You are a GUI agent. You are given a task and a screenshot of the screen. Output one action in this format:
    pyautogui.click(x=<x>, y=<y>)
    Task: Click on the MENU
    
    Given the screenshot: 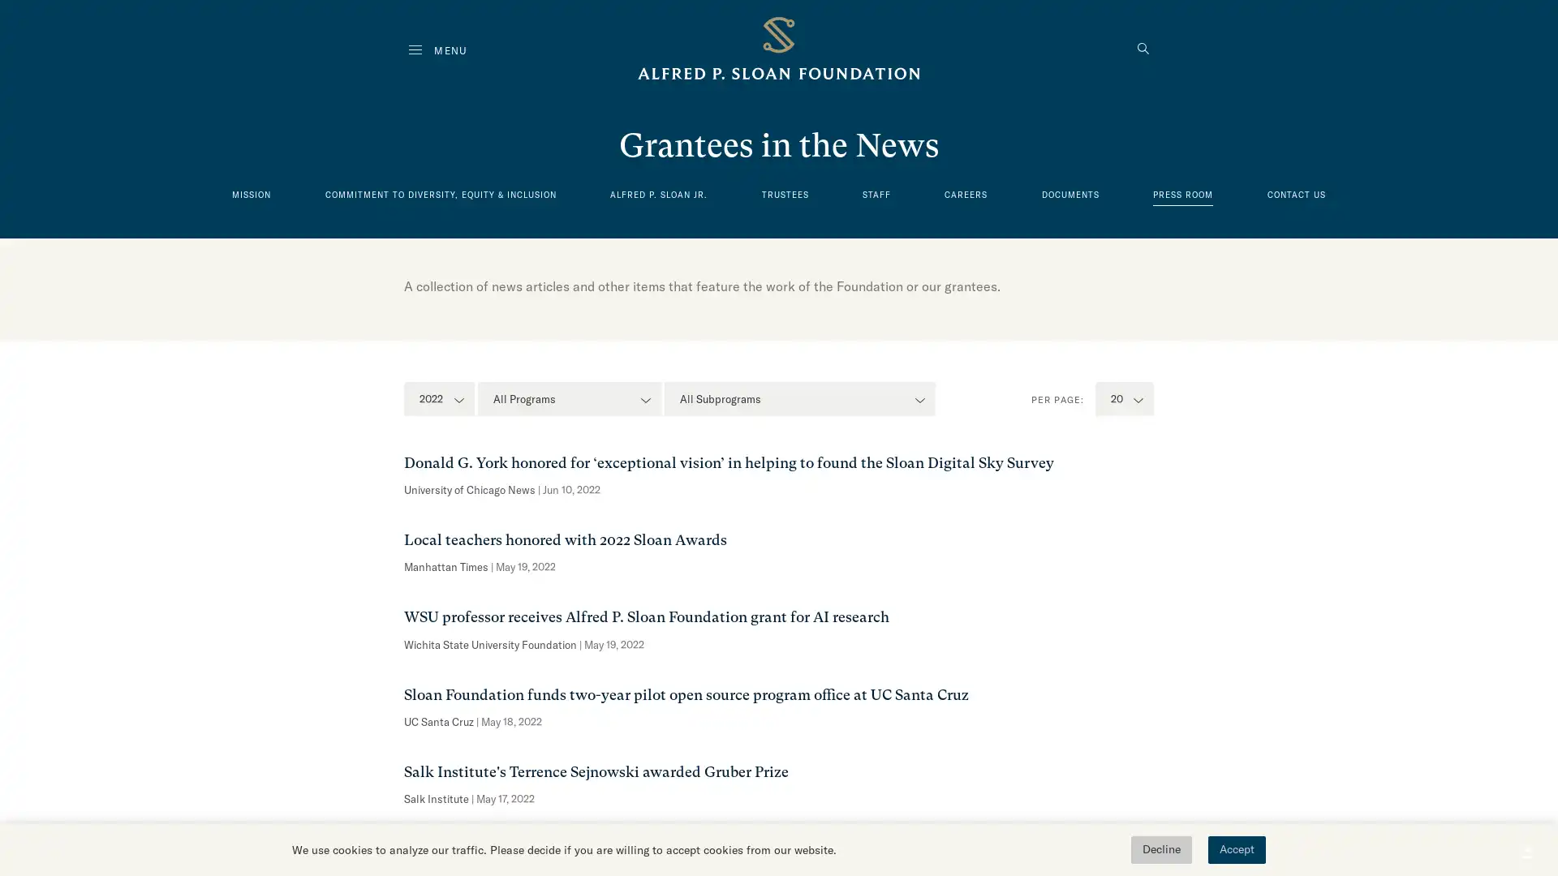 What is the action you would take?
    pyautogui.click(x=437, y=49)
    